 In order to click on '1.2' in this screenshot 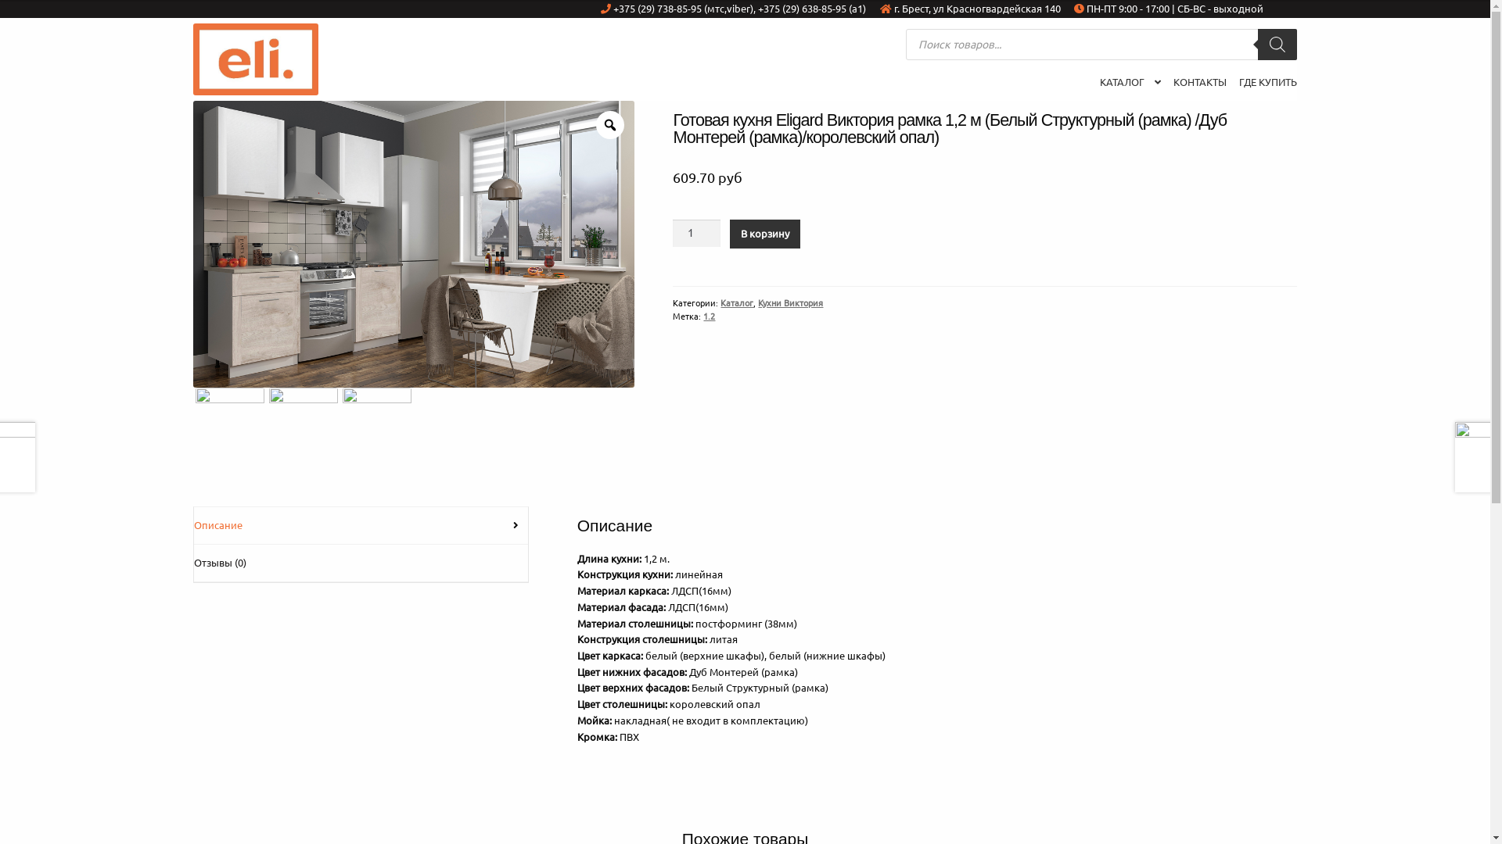, I will do `click(708, 316)`.